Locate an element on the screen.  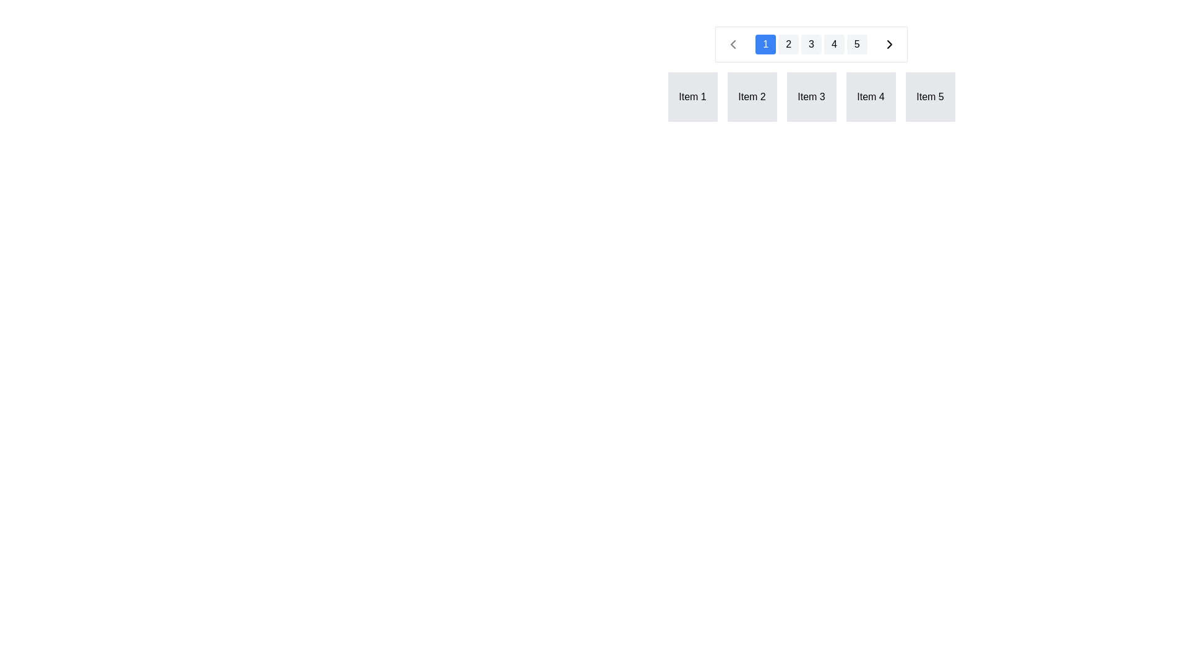
the gray box labeled 'Item 3' is located at coordinates (811, 96).